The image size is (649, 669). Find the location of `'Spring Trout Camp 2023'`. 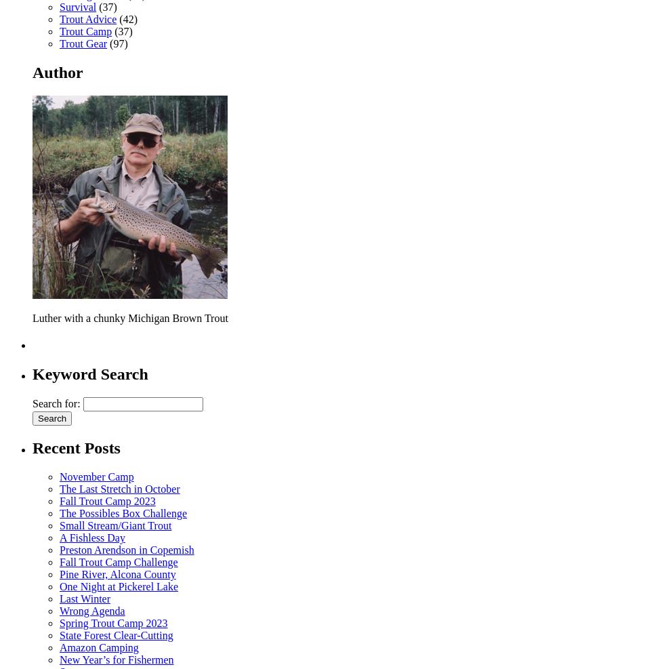

'Spring Trout Camp 2023' is located at coordinates (112, 622).